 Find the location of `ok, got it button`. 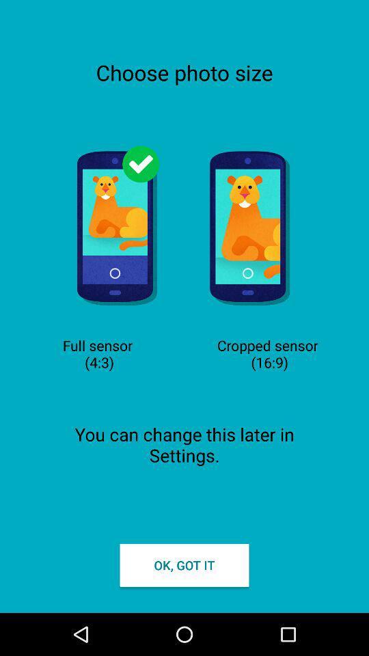

ok, got it button is located at coordinates (184, 565).